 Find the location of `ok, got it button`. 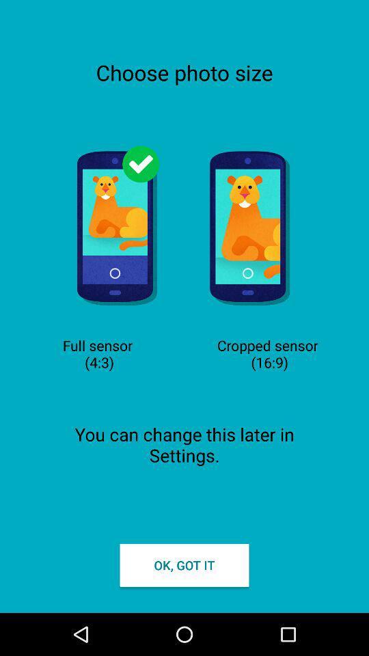

ok, got it button is located at coordinates (184, 565).